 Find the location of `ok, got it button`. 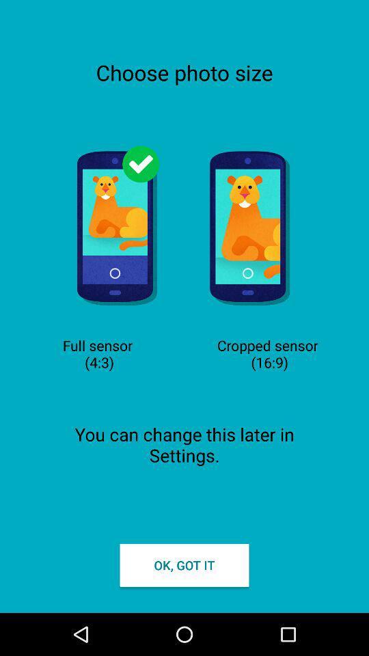

ok, got it button is located at coordinates (184, 565).